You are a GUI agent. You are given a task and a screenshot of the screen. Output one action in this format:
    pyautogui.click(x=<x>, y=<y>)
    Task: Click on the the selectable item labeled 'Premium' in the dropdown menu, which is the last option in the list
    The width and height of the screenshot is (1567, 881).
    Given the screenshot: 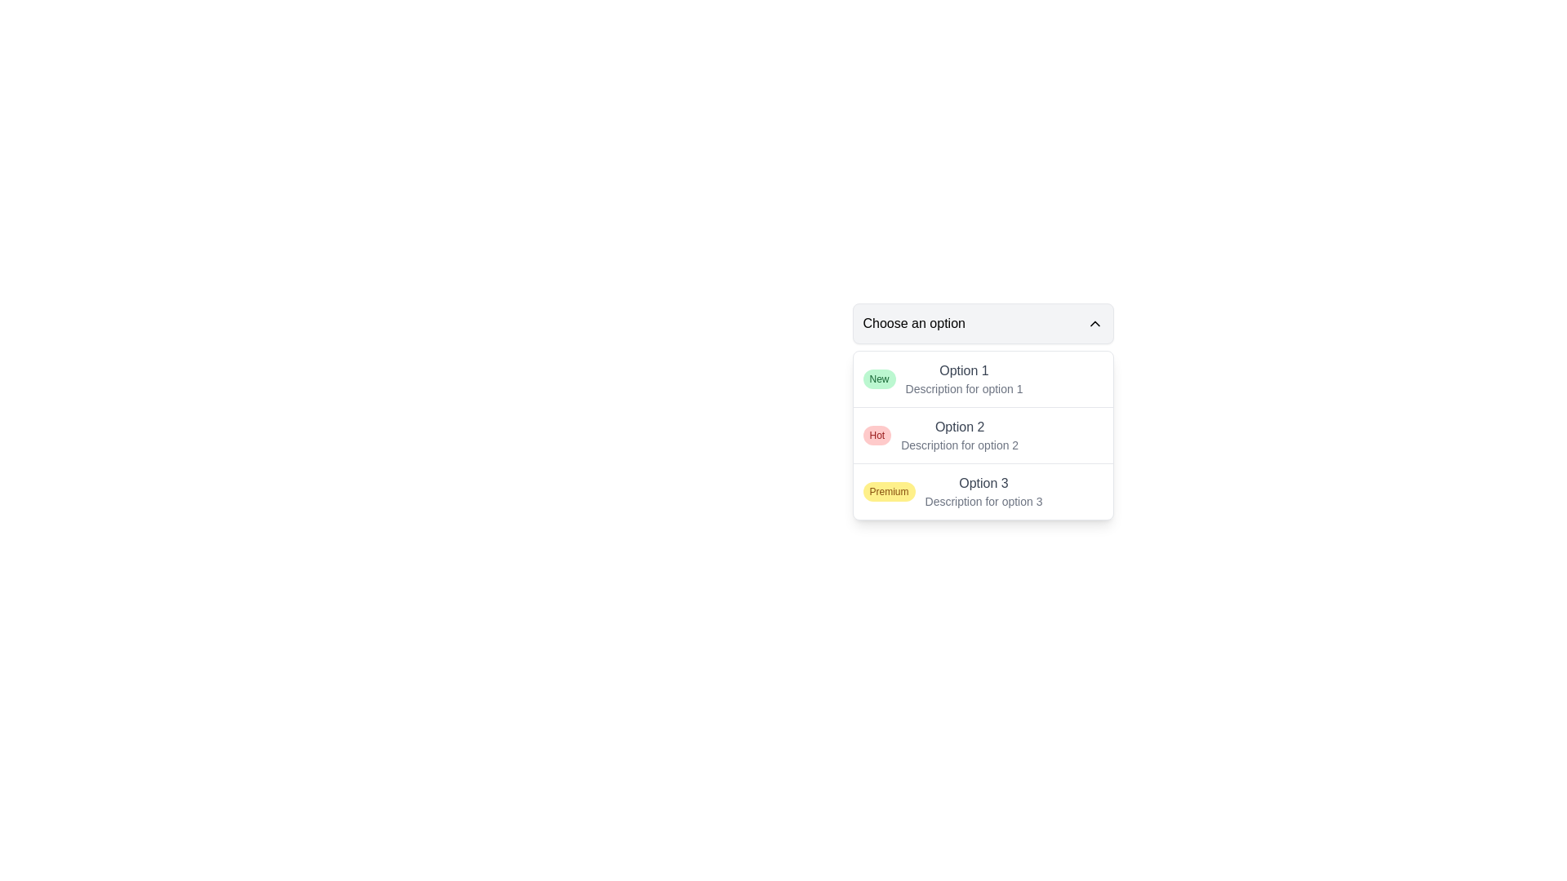 What is the action you would take?
    pyautogui.click(x=982, y=490)
    